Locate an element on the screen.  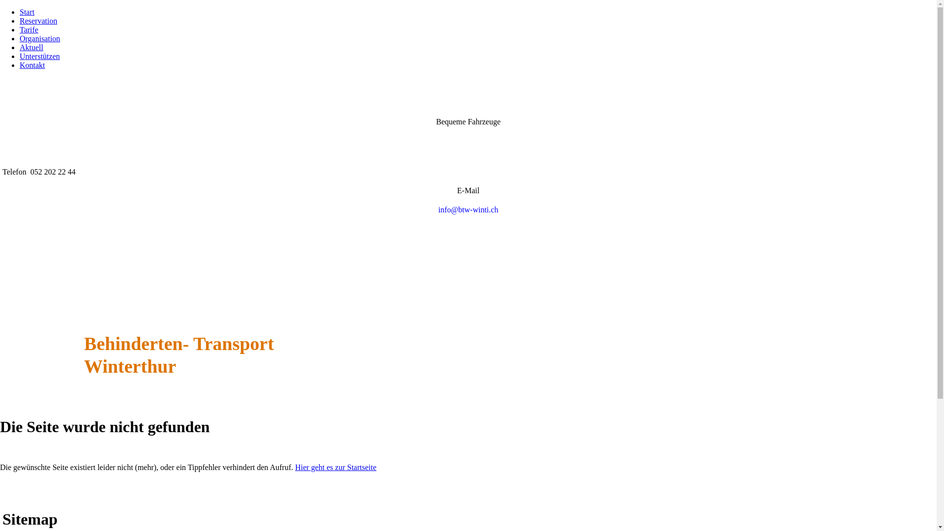
'Organisation' is located at coordinates (39, 38).